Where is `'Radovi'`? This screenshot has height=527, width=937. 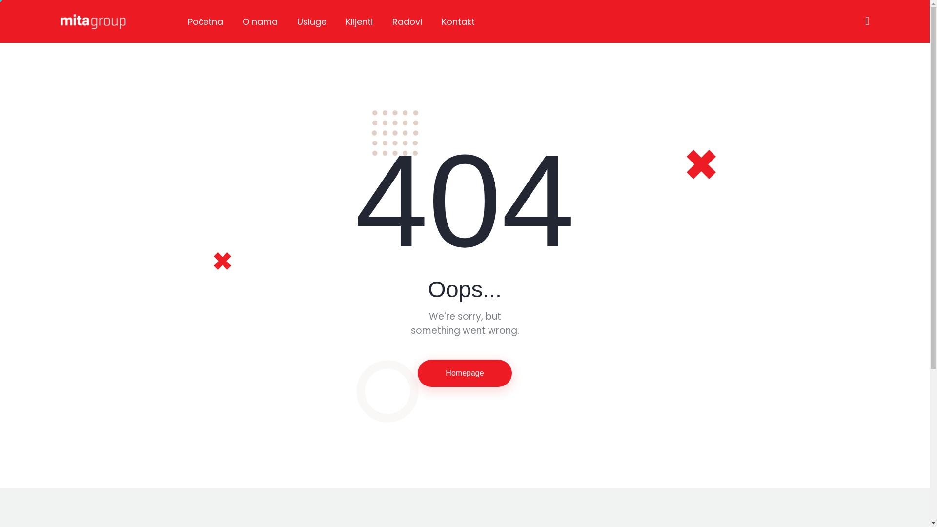 'Radovi' is located at coordinates (407, 22).